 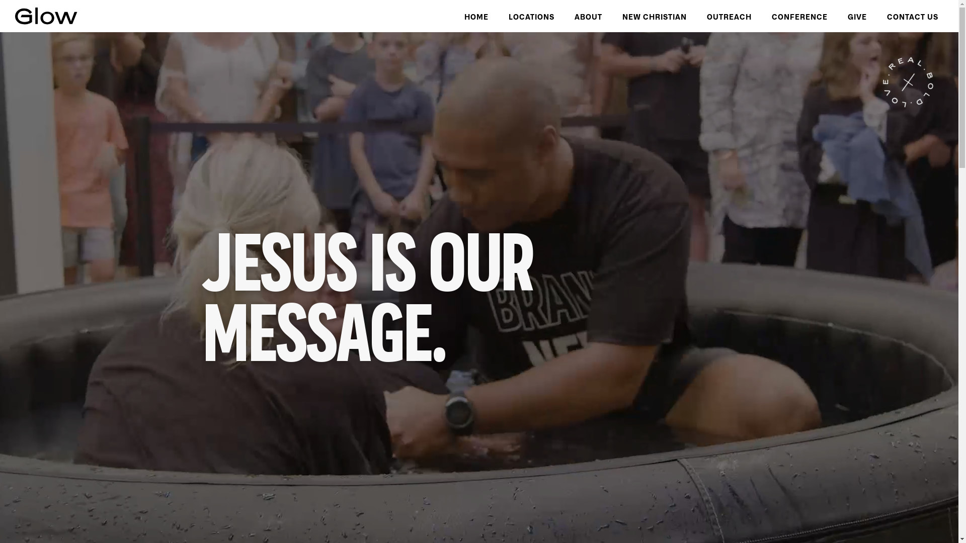 I want to click on 'LOCATIONS', so click(x=531, y=16).